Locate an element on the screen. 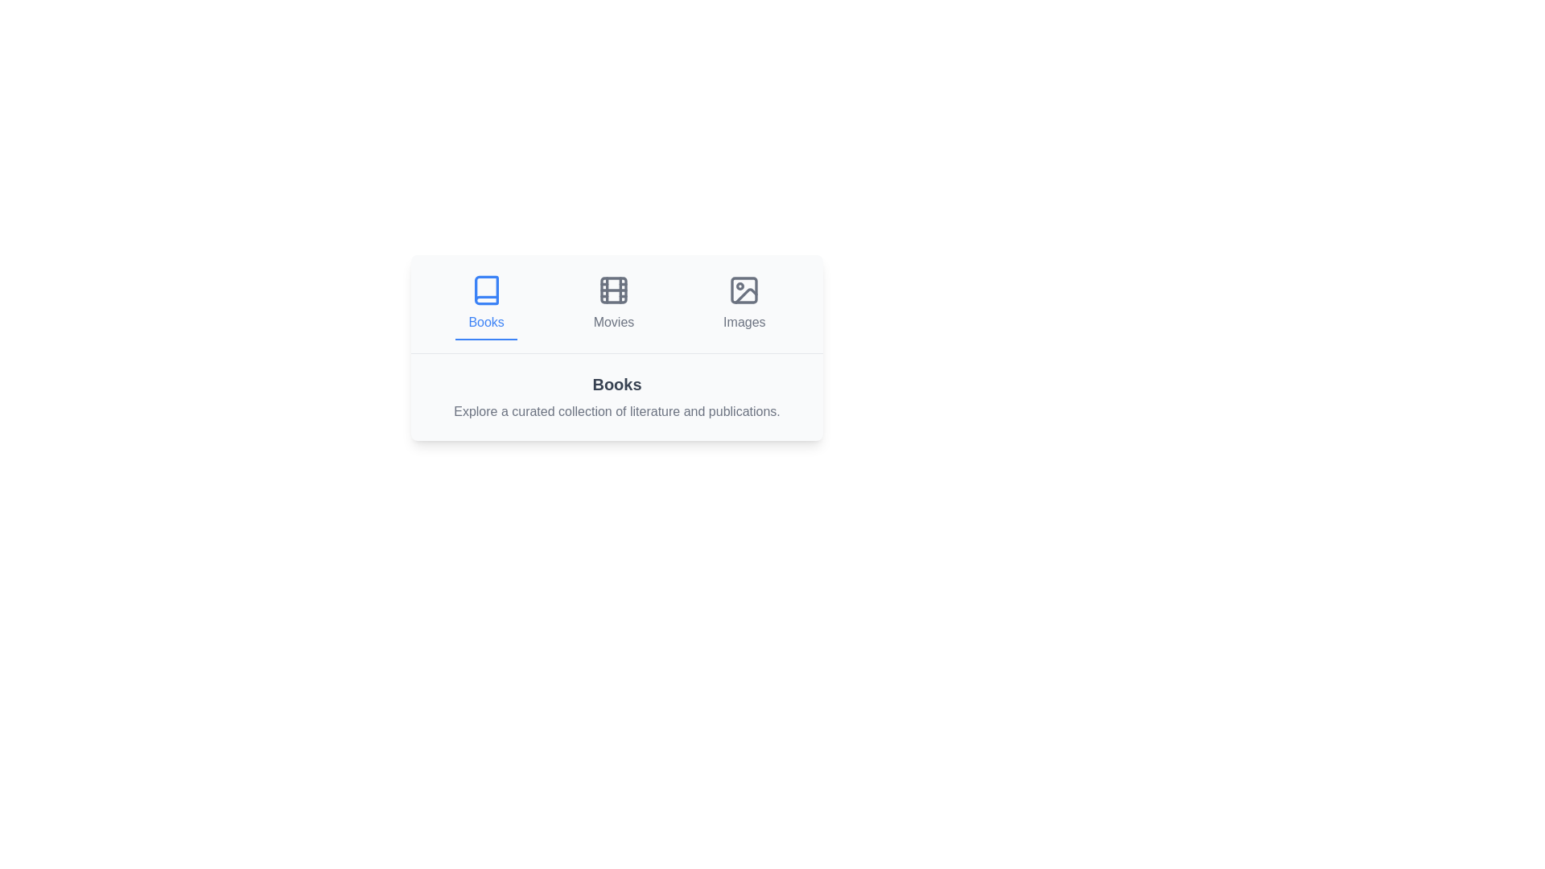  the Images tab by clicking on its button is located at coordinates (744, 304).